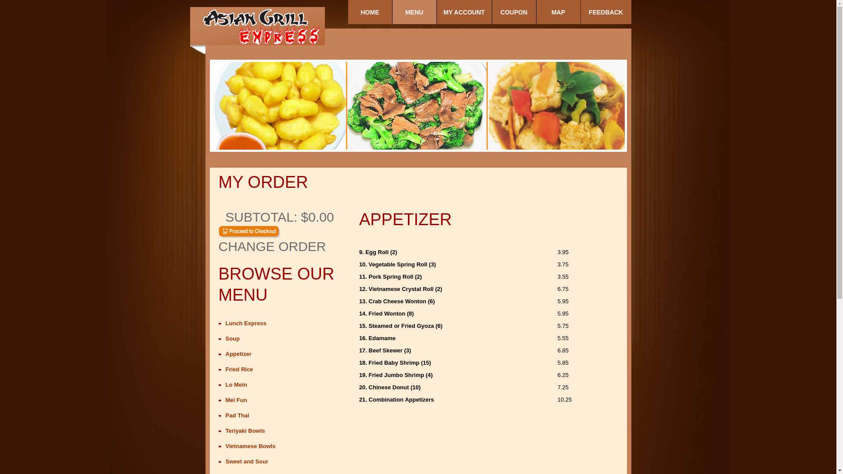  Describe the element at coordinates (225, 323) in the screenshot. I see `'Lunch Express'` at that location.